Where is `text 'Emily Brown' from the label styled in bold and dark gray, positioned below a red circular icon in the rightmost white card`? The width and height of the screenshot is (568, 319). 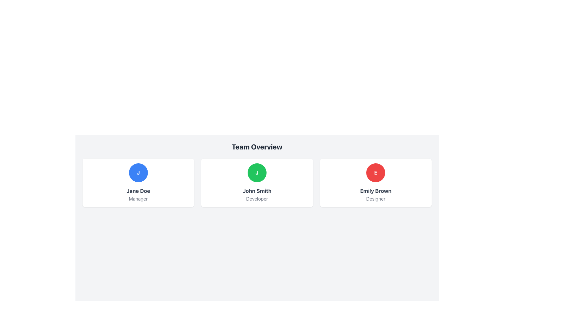
text 'Emily Brown' from the label styled in bold and dark gray, positioned below a red circular icon in the rightmost white card is located at coordinates (375, 191).